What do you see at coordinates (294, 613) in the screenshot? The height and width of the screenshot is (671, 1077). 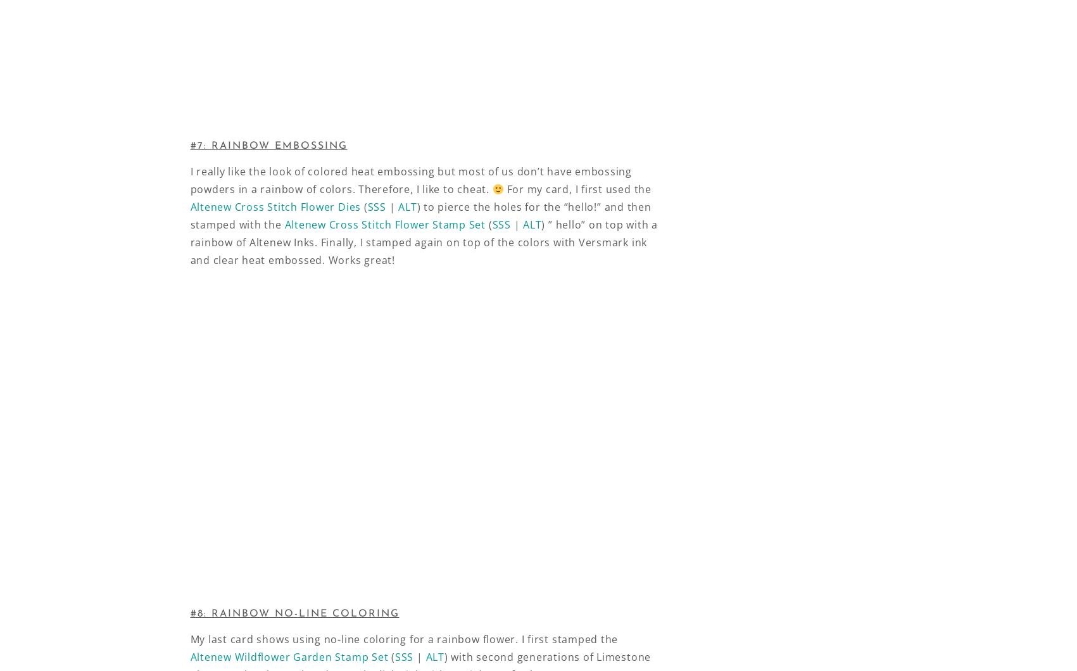 I see `'#8: RAINBOW No-Line Coloring'` at bounding box center [294, 613].